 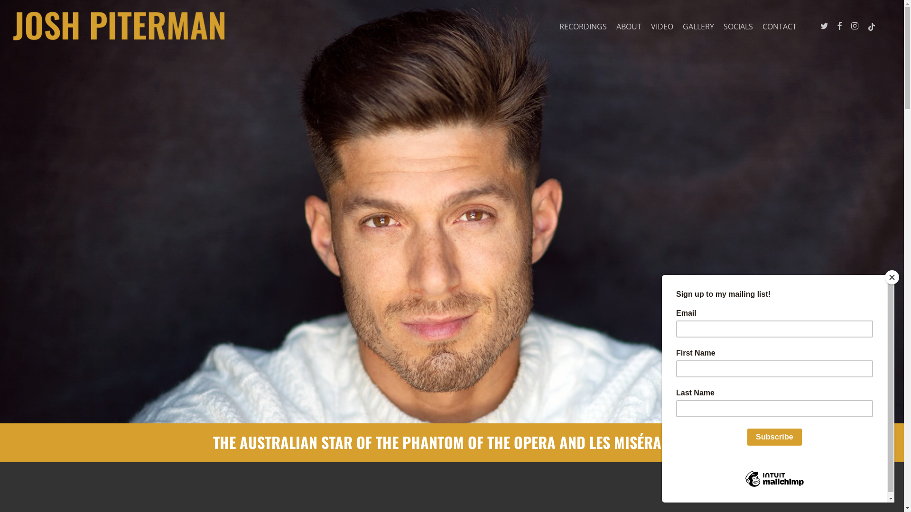 What do you see at coordinates (698, 26) in the screenshot?
I see `'GALLERY'` at bounding box center [698, 26].